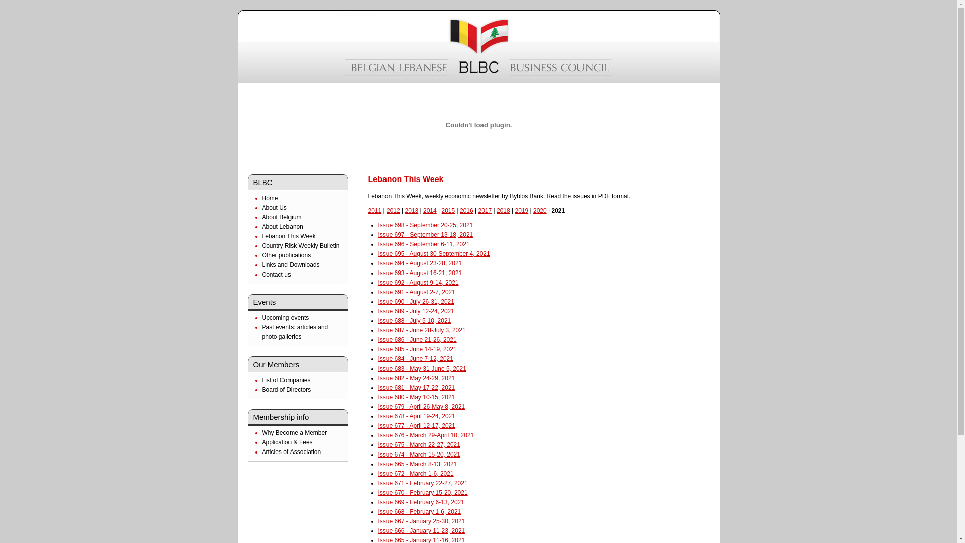 The height and width of the screenshot is (543, 965). What do you see at coordinates (377, 416) in the screenshot?
I see `'Issue 678 - April 19-24, 2021'` at bounding box center [377, 416].